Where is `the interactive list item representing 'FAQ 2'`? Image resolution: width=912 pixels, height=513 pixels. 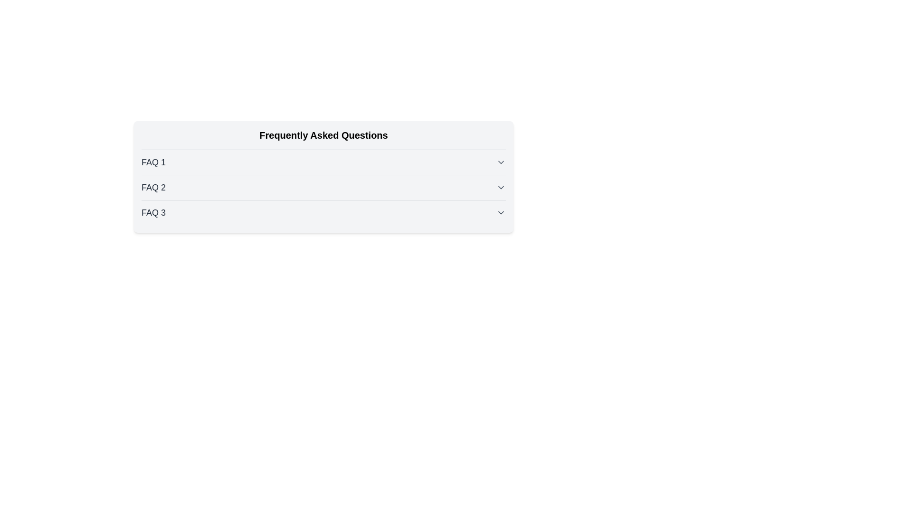 the interactive list item representing 'FAQ 2' is located at coordinates (323, 184).